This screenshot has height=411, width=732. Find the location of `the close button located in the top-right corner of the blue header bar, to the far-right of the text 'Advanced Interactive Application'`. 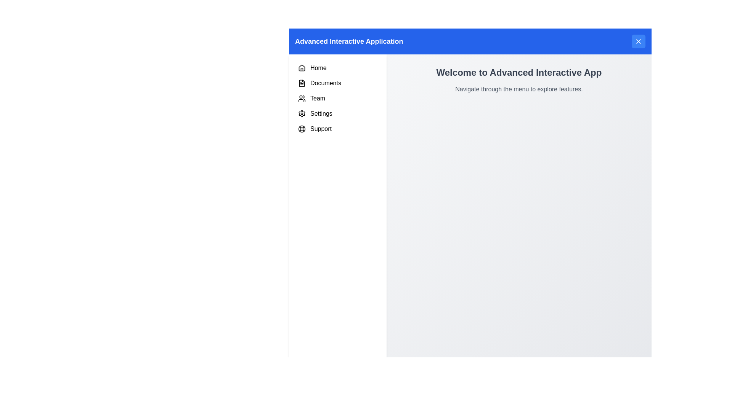

the close button located in the top-right corner of the blue header bar, to the far-right of the text 'Advanced Interactive Application' is located at coordinates (639, 41).